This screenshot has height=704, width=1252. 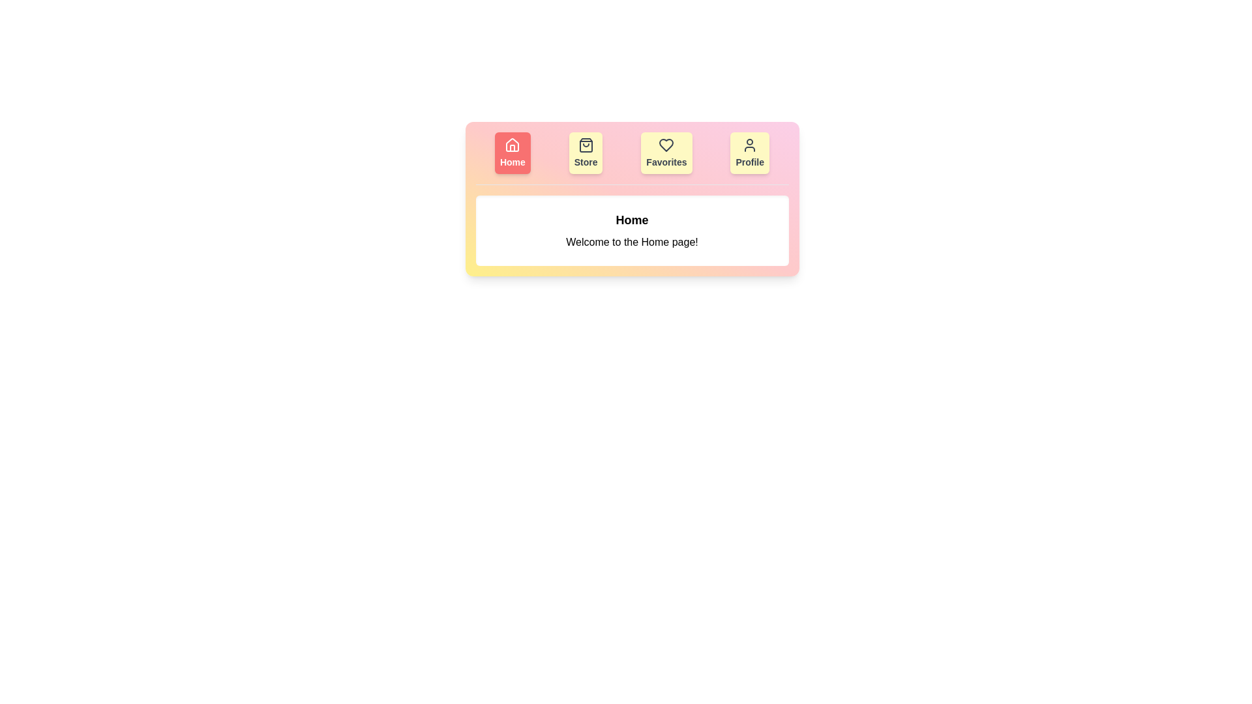 I want to click on the tab labeled Home to switch to its content, so click(x=512, y=153).